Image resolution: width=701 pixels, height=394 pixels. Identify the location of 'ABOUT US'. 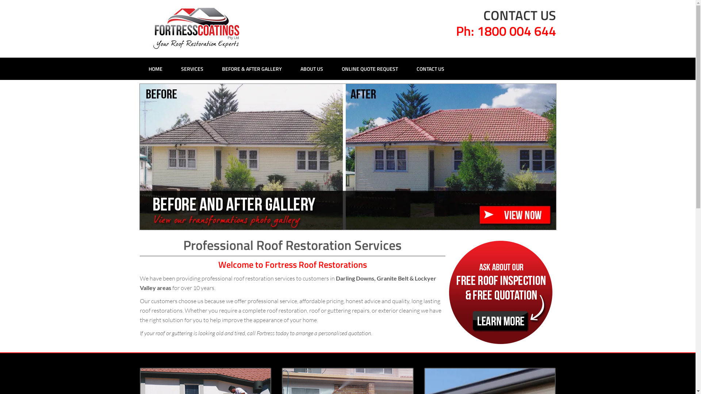
(311, 69).